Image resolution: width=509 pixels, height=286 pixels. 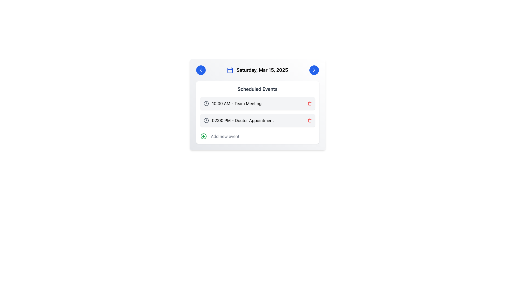 I want to click on the delete button icon represented by a trash can for the '02:00 PM - Doctor Appointment' event, so click(x=309, y=120).